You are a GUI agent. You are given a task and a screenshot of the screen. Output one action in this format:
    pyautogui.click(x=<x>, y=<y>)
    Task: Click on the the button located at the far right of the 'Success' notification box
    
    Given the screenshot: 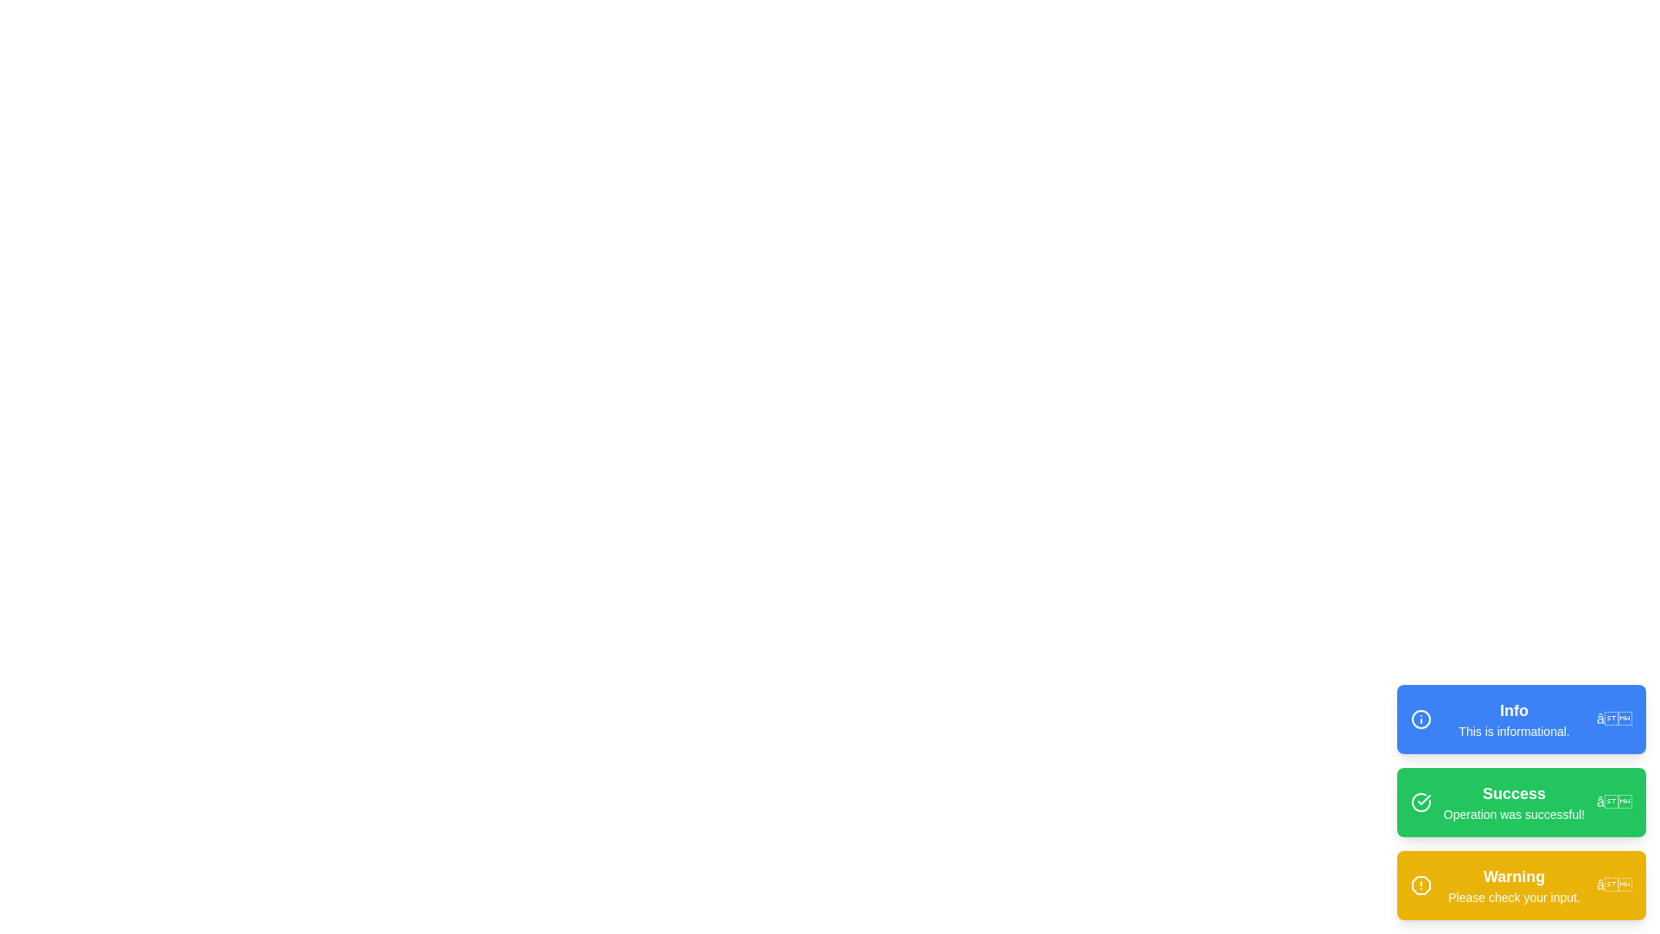 What is the action you would take?
    pyautogui.click(x=1613, y=803)
    